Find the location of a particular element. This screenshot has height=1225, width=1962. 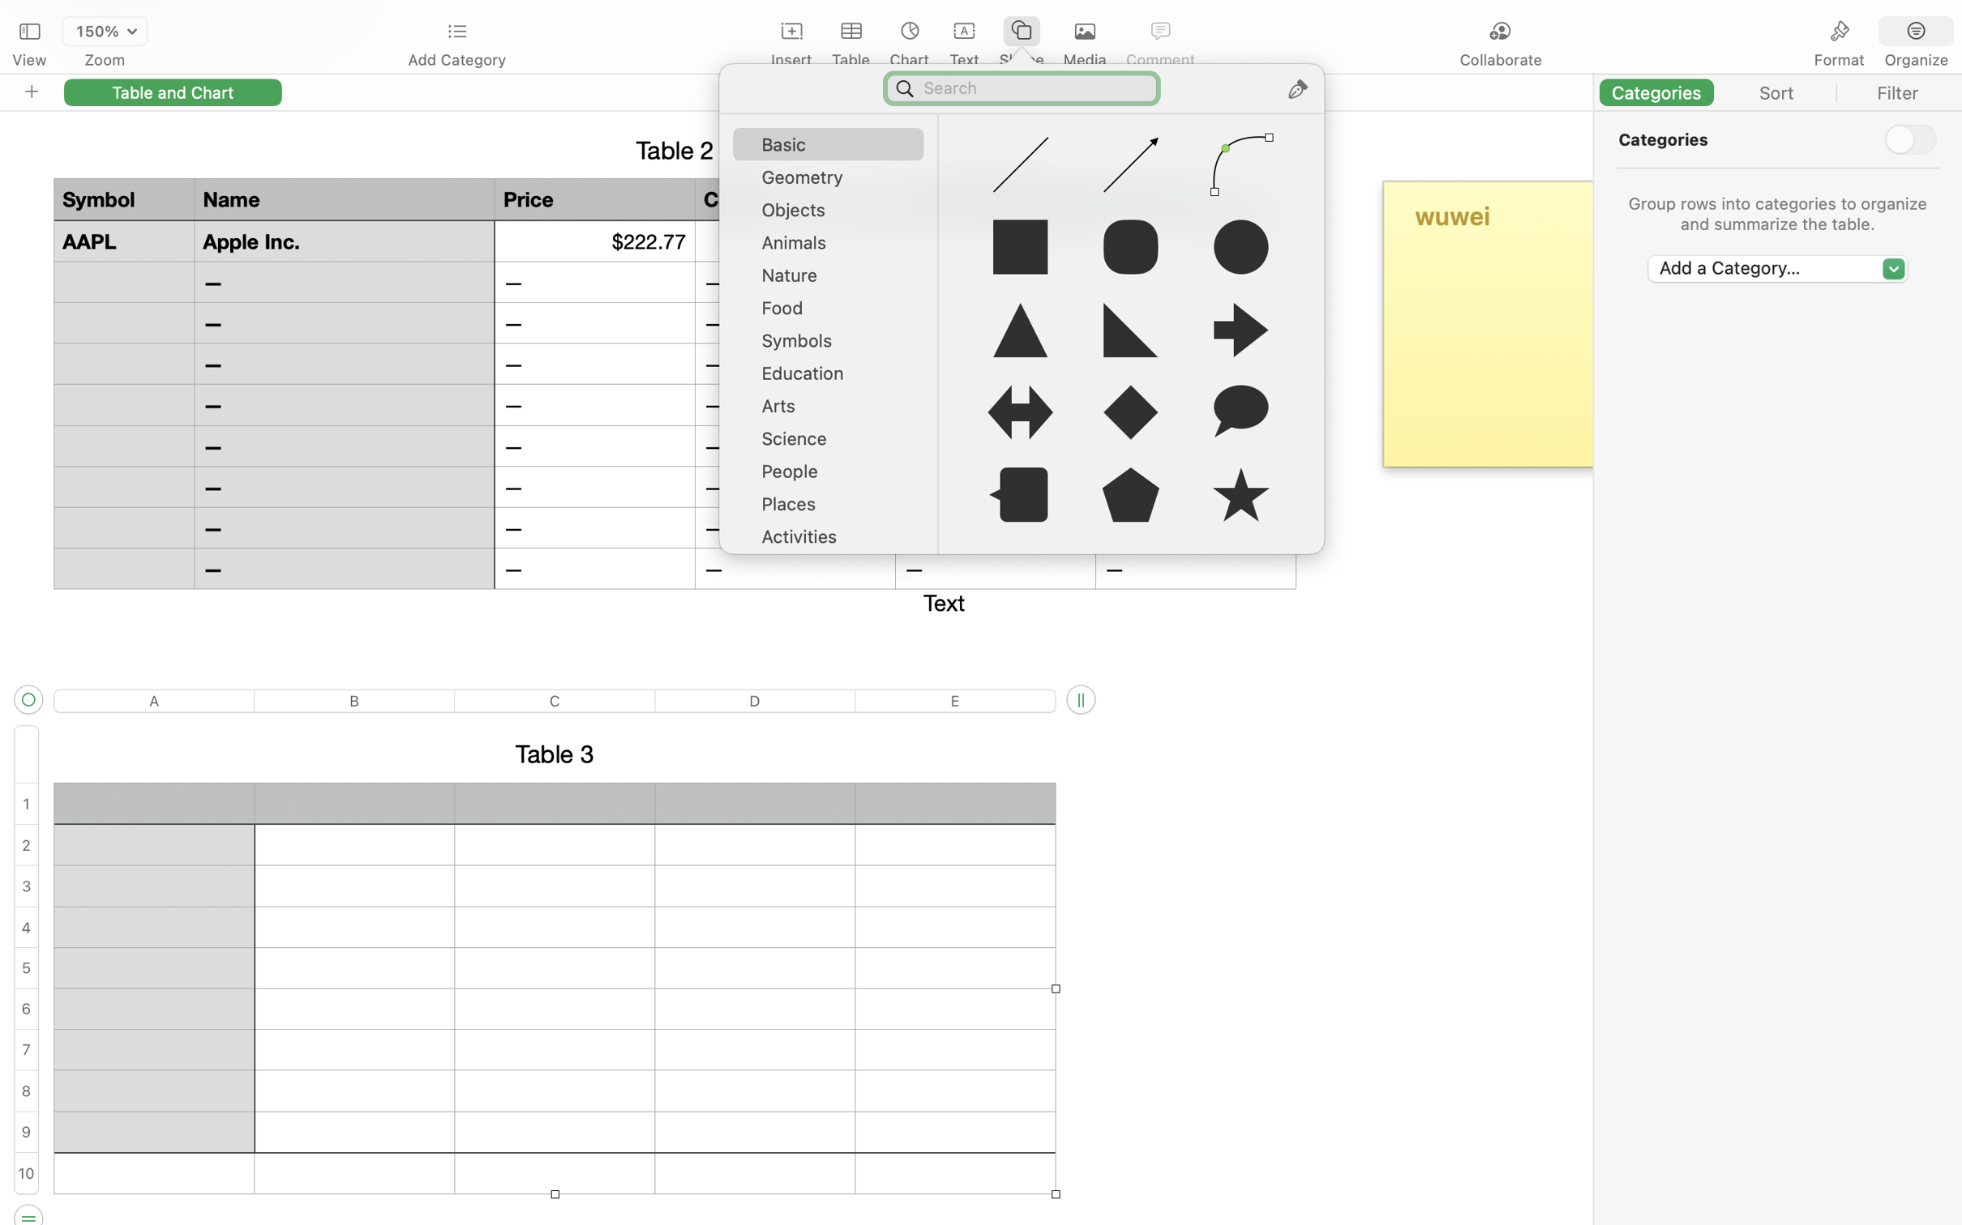

'Format' is located at coordinates (1840, 60).